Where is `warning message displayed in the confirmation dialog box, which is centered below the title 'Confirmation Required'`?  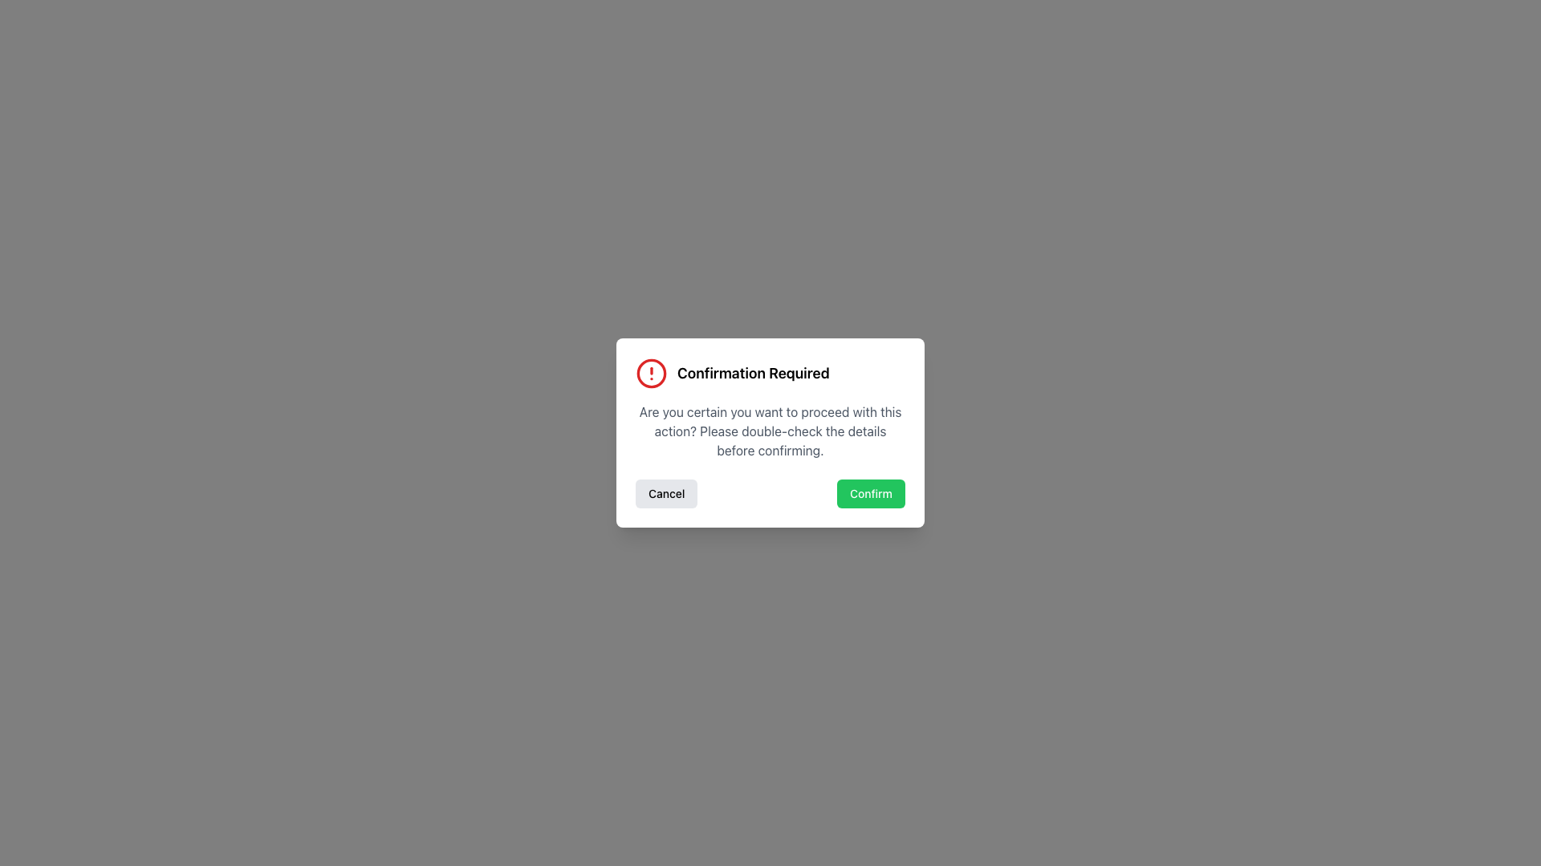
warning message displayed in the confirmation dialog box, which is centered below the title 'Confirmation Required' is located at coordinates (770, 430).